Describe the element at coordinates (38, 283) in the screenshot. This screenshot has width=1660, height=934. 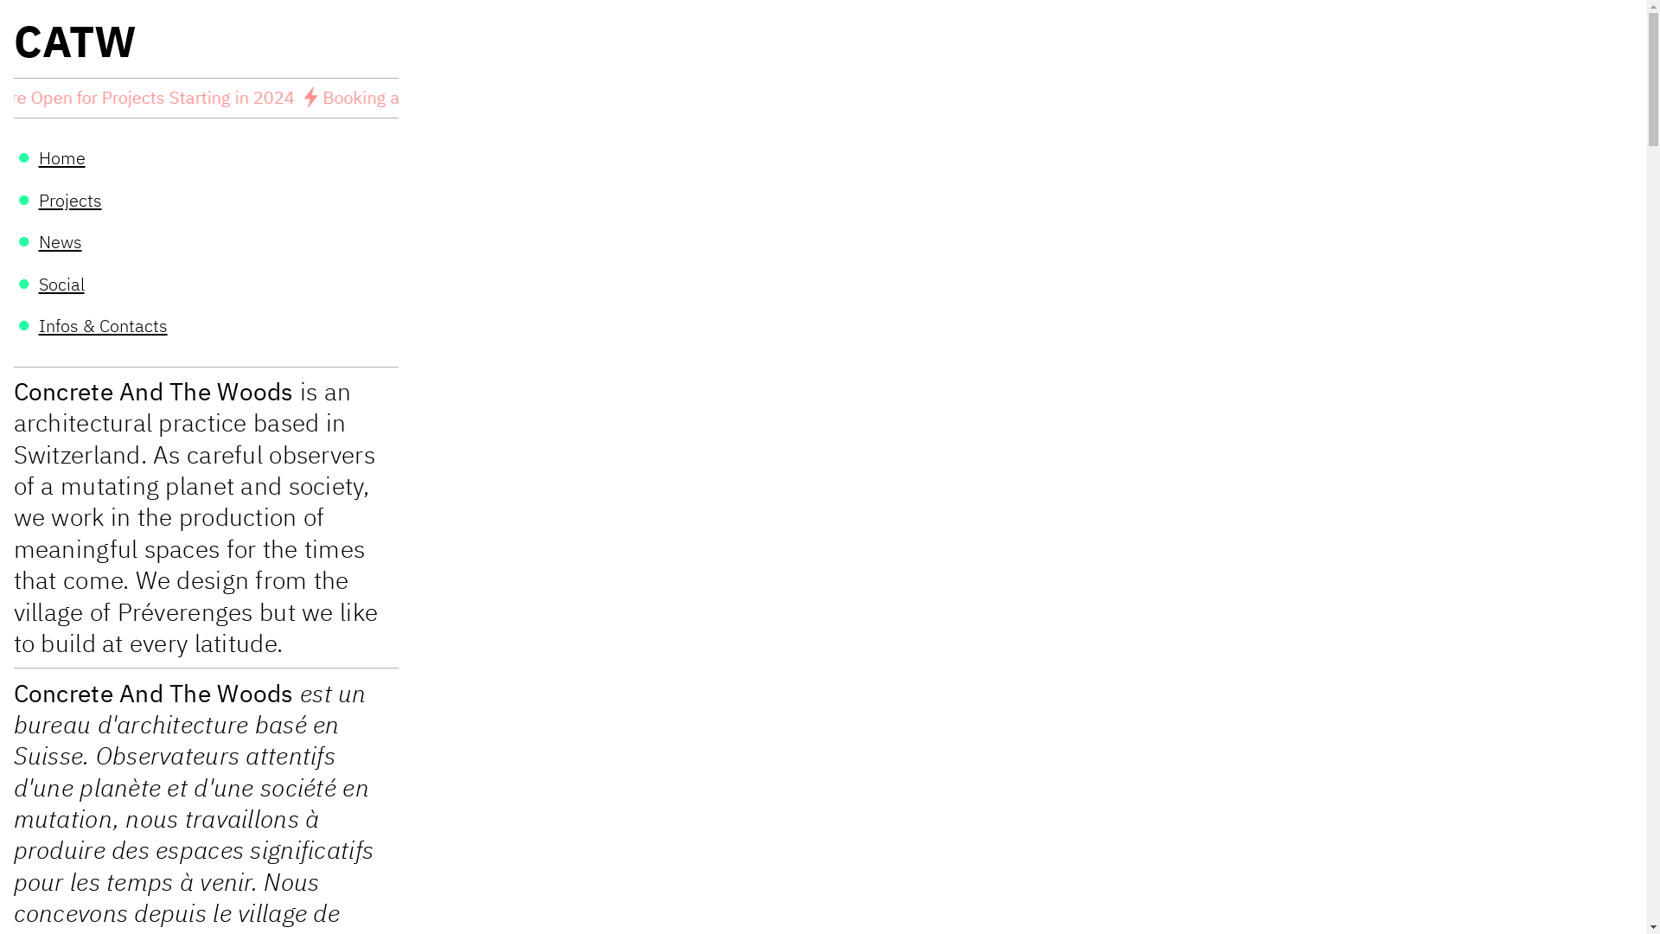
I see `'Social'` at that location.